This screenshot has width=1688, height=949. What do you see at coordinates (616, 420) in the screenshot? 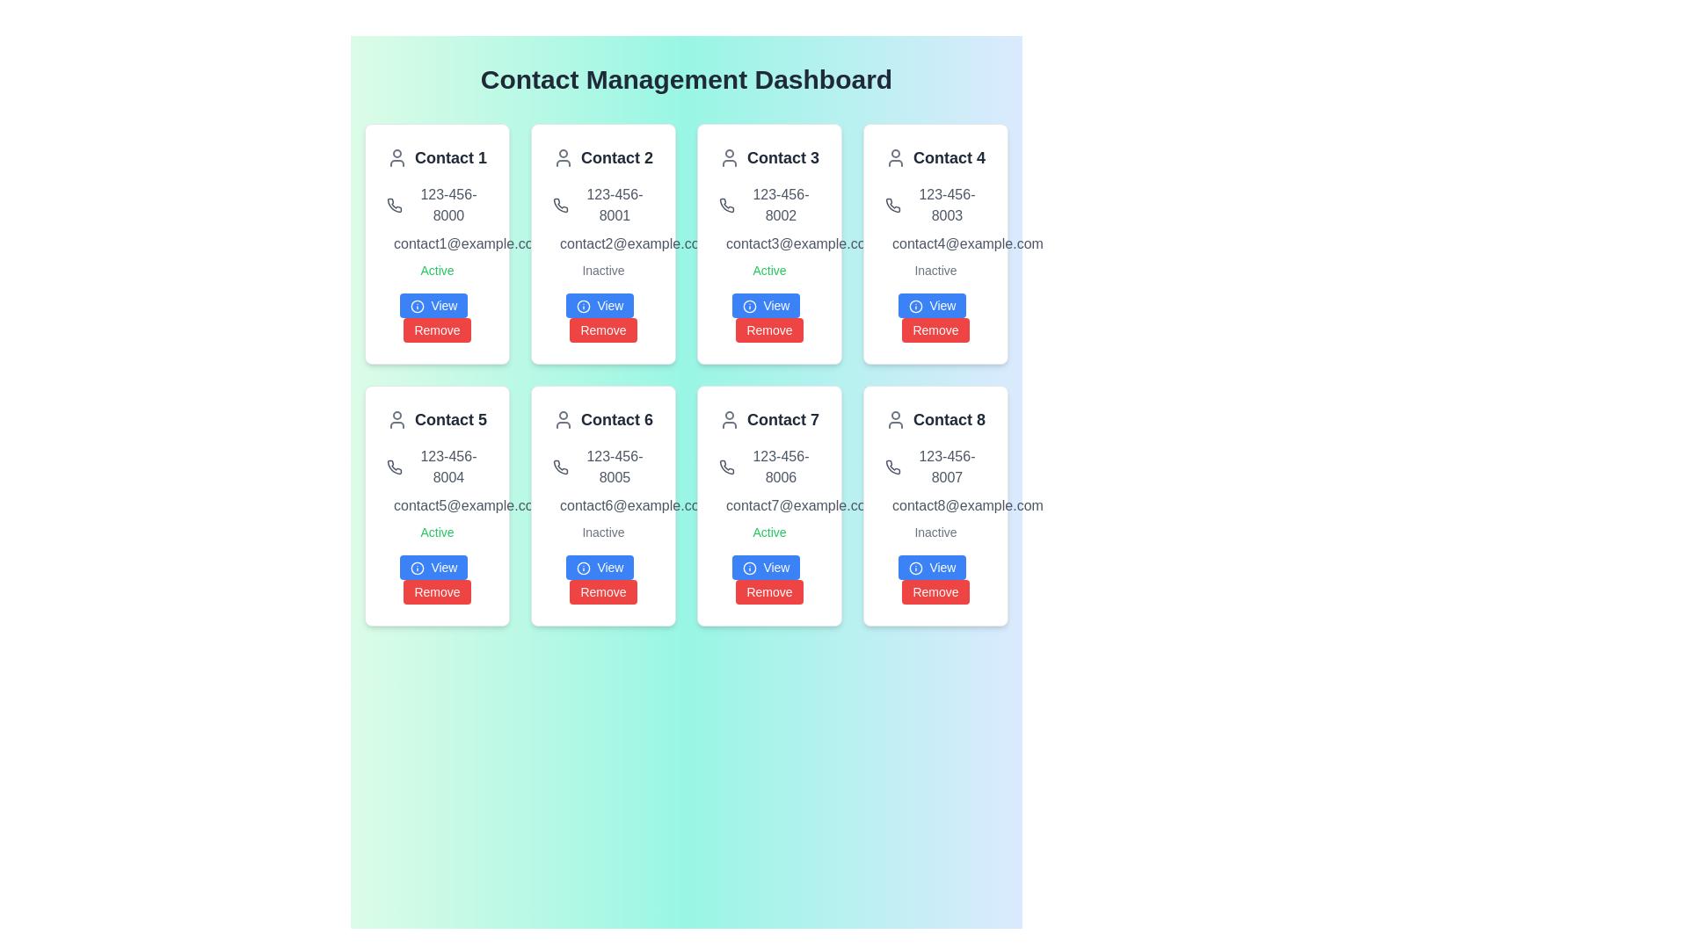
I see `the static text label indicating the name or identifier of a contact in the second row, second column of the 'Contact Management Dashboard' interface` at bounding box center [616, 420].